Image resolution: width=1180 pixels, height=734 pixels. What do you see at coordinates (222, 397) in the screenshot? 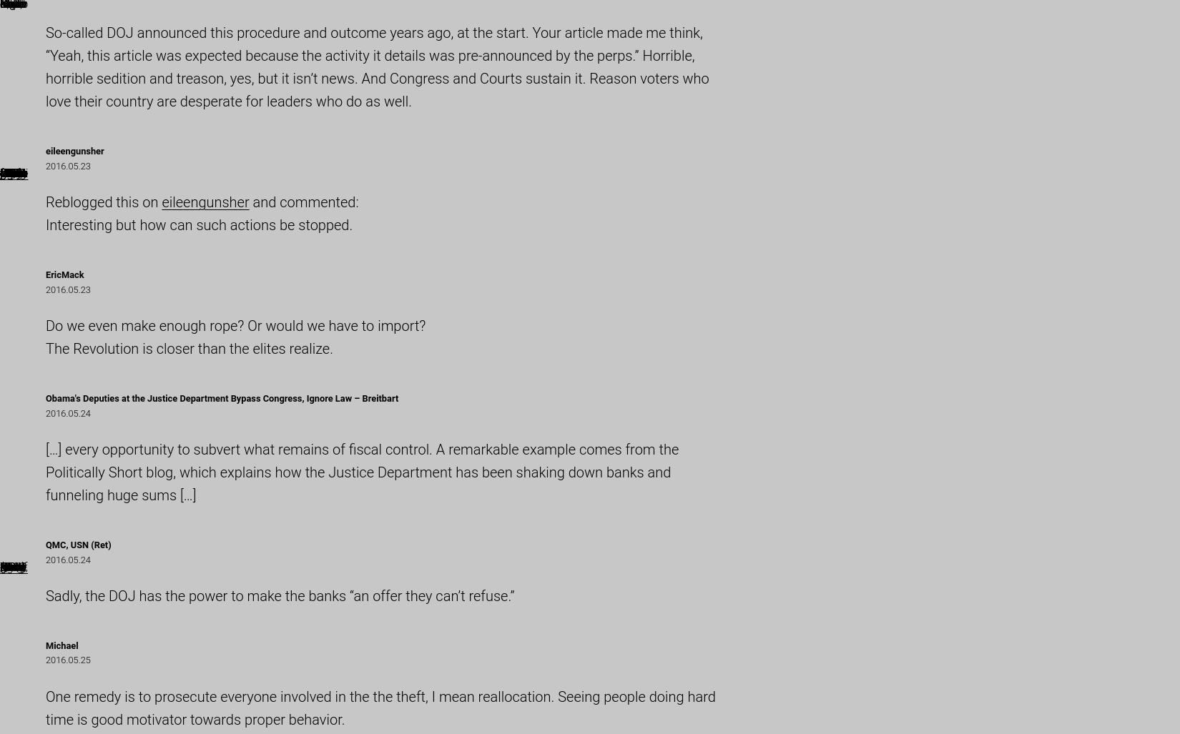
I see `'Obama's Deputies at the Justice Department Bypass Congress, Ignore Law – Breitbart'` at bounding box center [222, 397].